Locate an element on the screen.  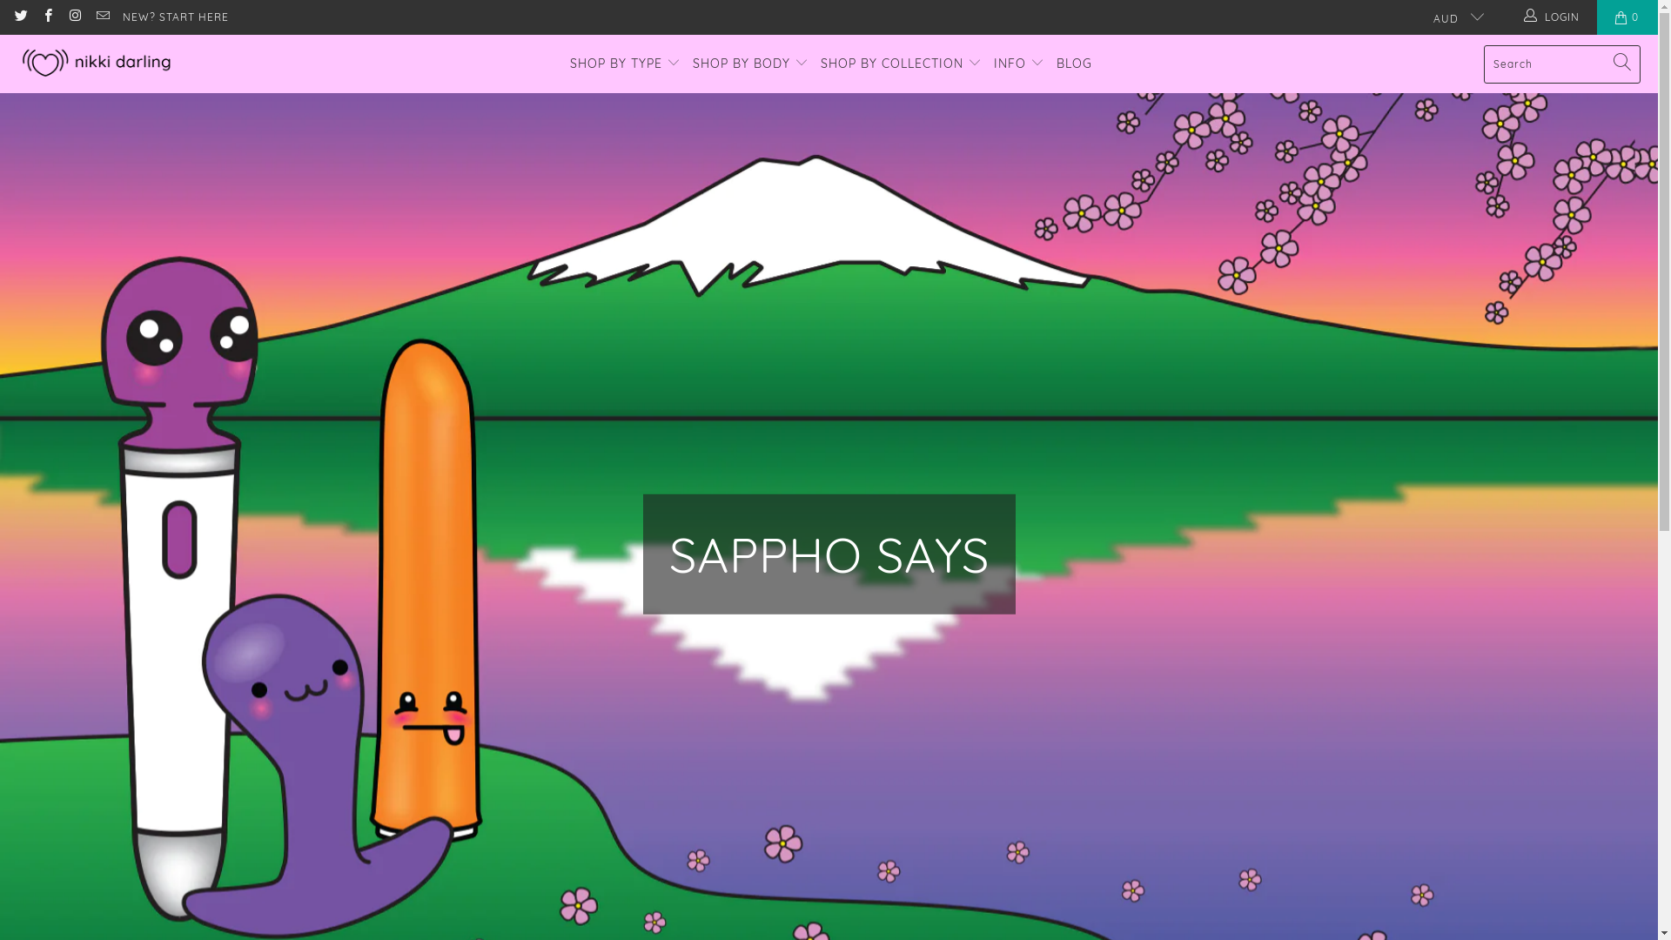
'INFO' is located at coordinates (1019, 63).